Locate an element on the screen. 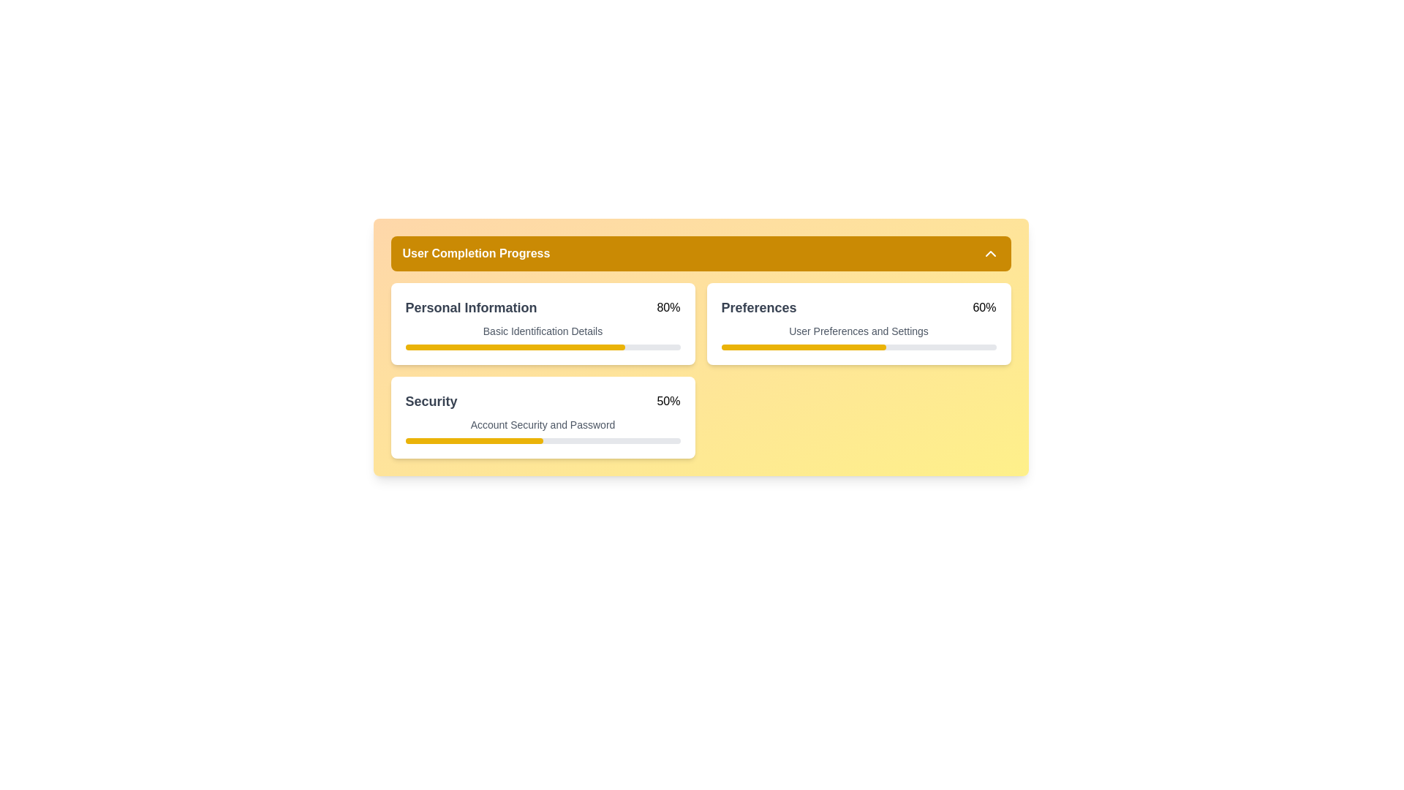 Image resolution: width=1404 pixels, height=790 pixels. the text label that indicates the user completion progress at the top left of the progress dashboard is located at coordinates (476, 253).